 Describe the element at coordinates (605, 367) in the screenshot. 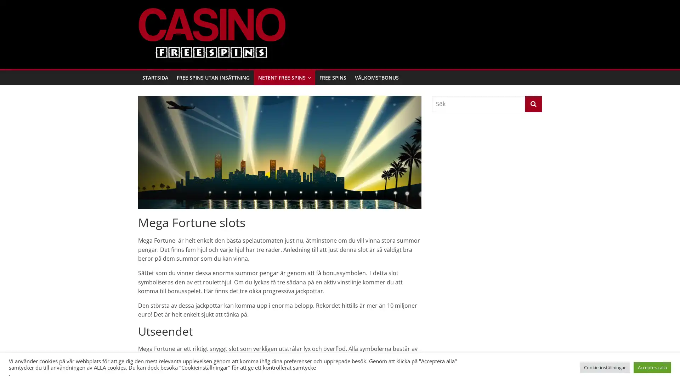

I see `Cookie-installningar` at that location.